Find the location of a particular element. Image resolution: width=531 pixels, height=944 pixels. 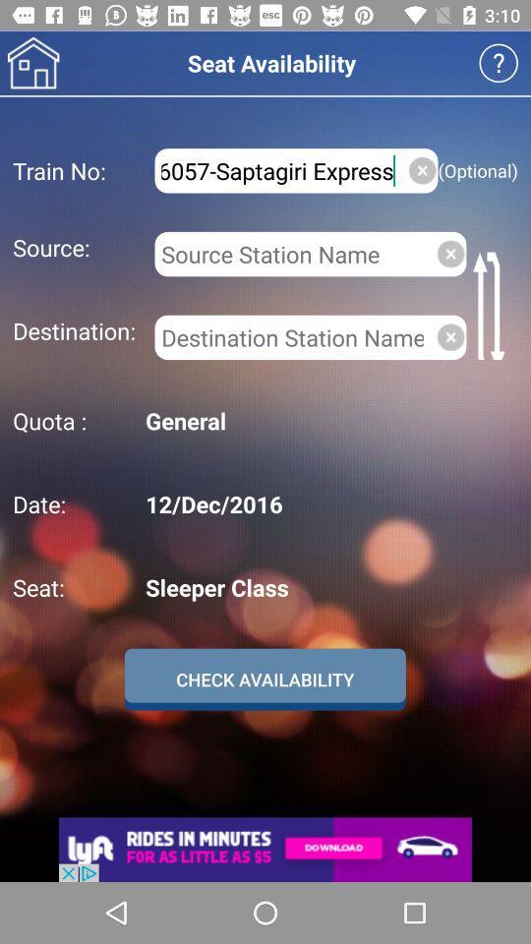

close is located at coordinates (421, 169).